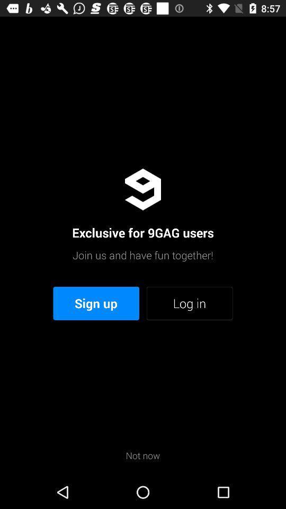 This screenshot has height=509, width=286. I want to click on log in, so click(189, 303).